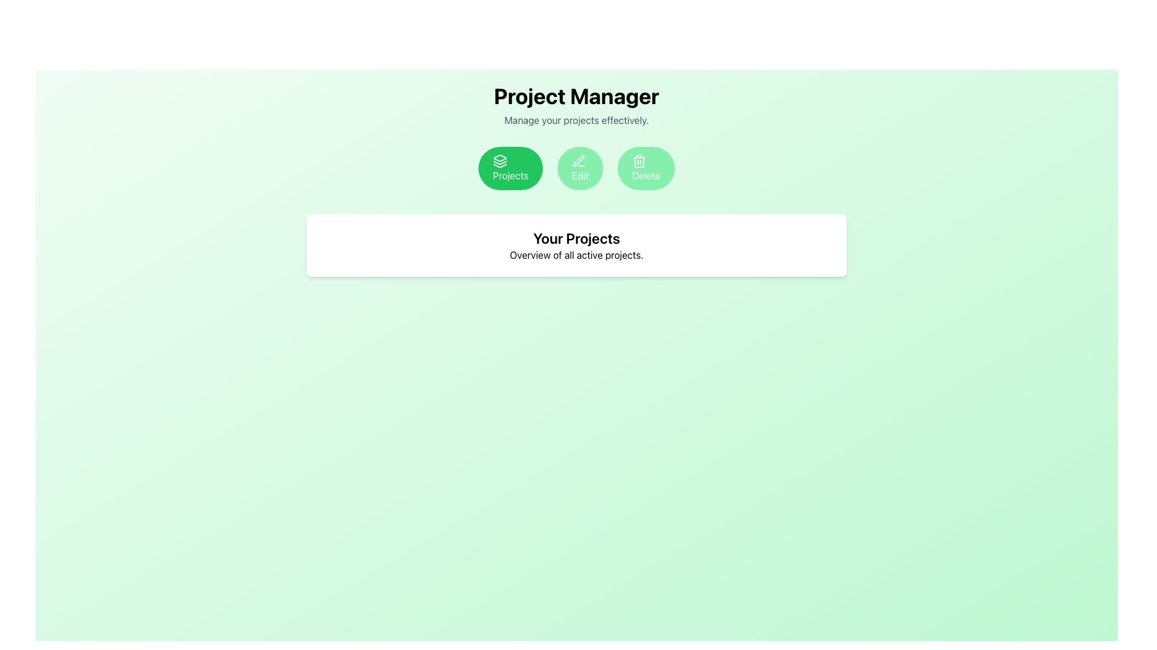 The image size is (1157, 650). Describe the element at coordinates (500, 160) in the screenshot. I see `the leftmost button with a green background` at that location.